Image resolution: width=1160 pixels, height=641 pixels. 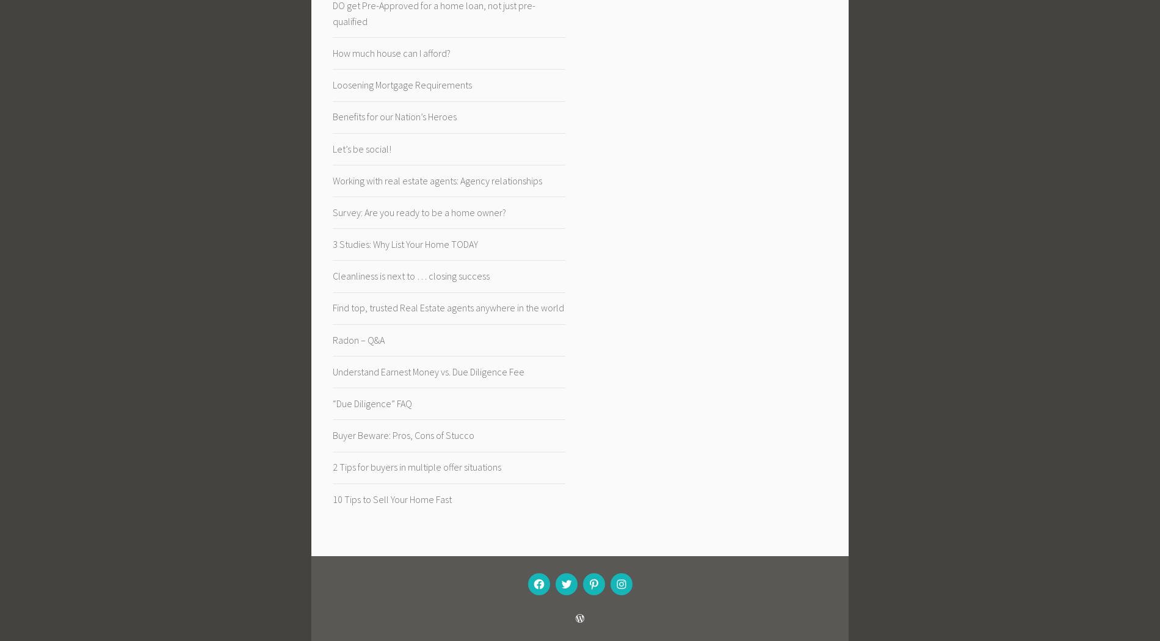 What do you see at coordinates (392, 498) in the screenshot?
I see `'10 Tips to Sell Your Home Fast'` at bounding box center [392, 498].